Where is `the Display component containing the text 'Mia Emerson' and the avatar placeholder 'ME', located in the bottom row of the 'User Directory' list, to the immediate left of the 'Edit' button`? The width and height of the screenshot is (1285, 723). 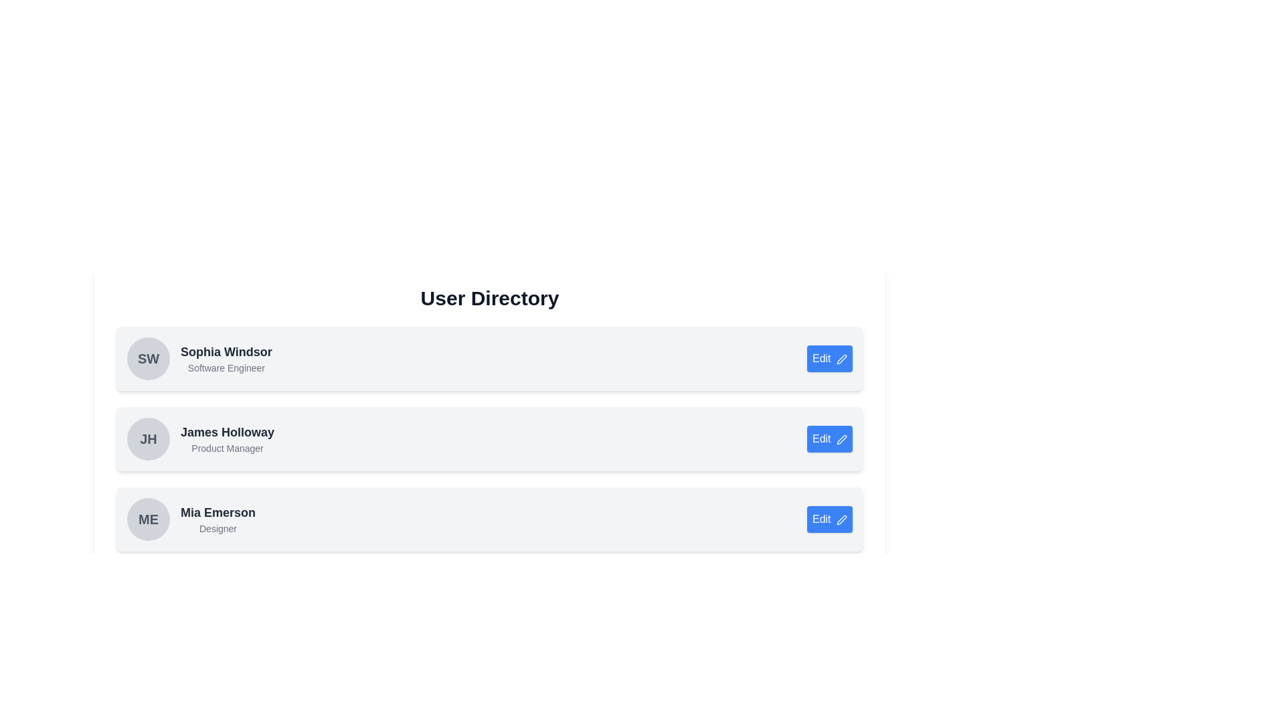 the Display component containing the text 'Mia Emerson' and the avatar placeholder 'ME', located in the bottom row of the 'User Directory' list, to the immediate left of the 'Edit' button is located at coordinates (191, 518).